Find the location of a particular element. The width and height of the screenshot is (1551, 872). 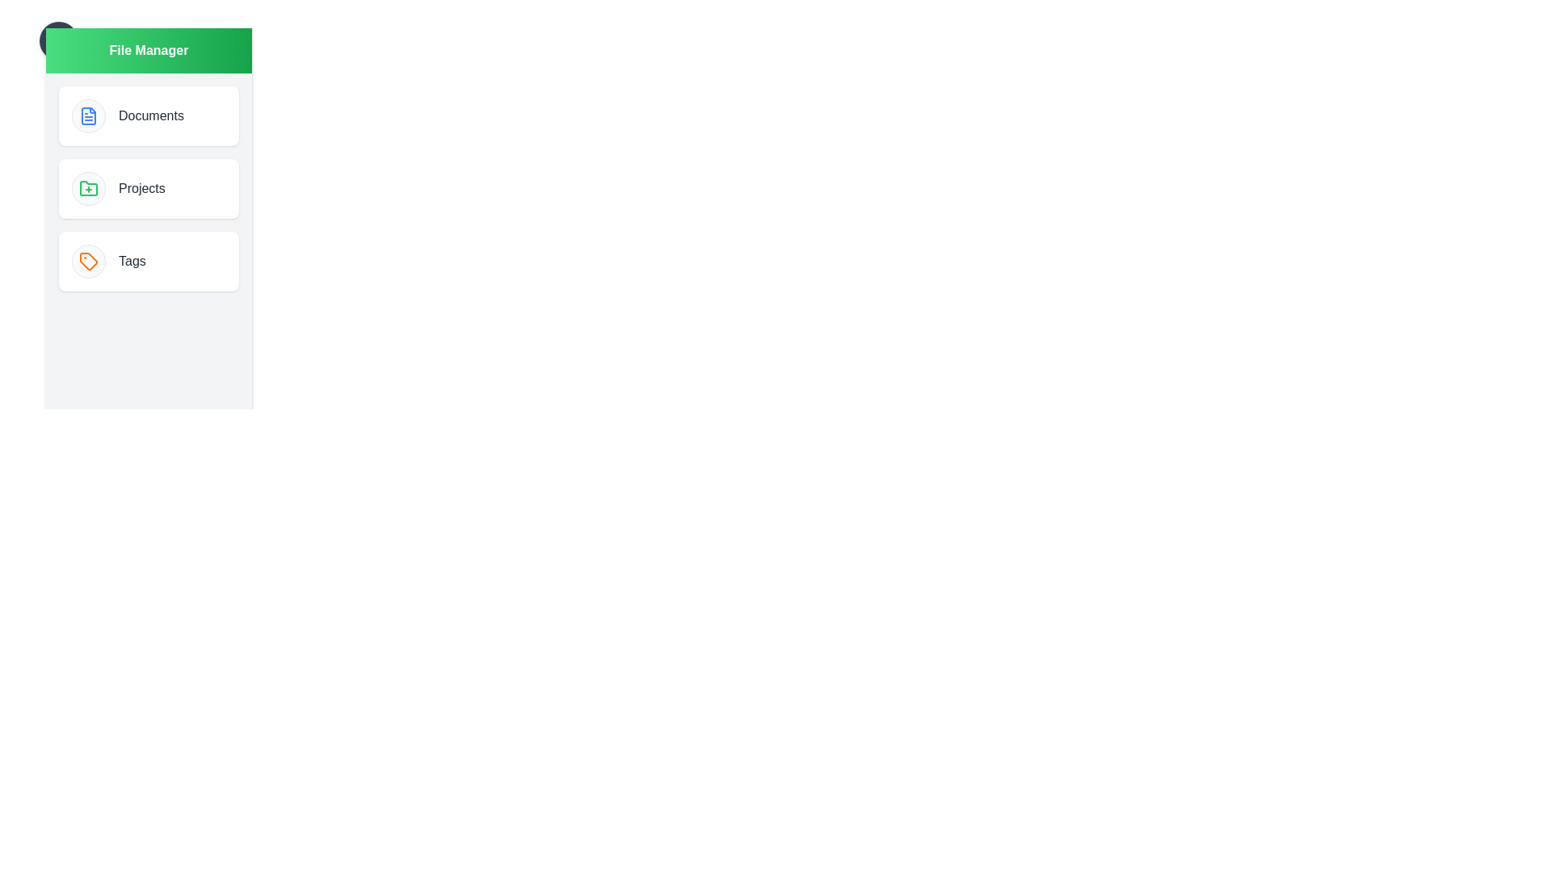

the toggle button at the top-left corner of the screen to toggle the visibility of the drawer is located at coordinates (58, 40).